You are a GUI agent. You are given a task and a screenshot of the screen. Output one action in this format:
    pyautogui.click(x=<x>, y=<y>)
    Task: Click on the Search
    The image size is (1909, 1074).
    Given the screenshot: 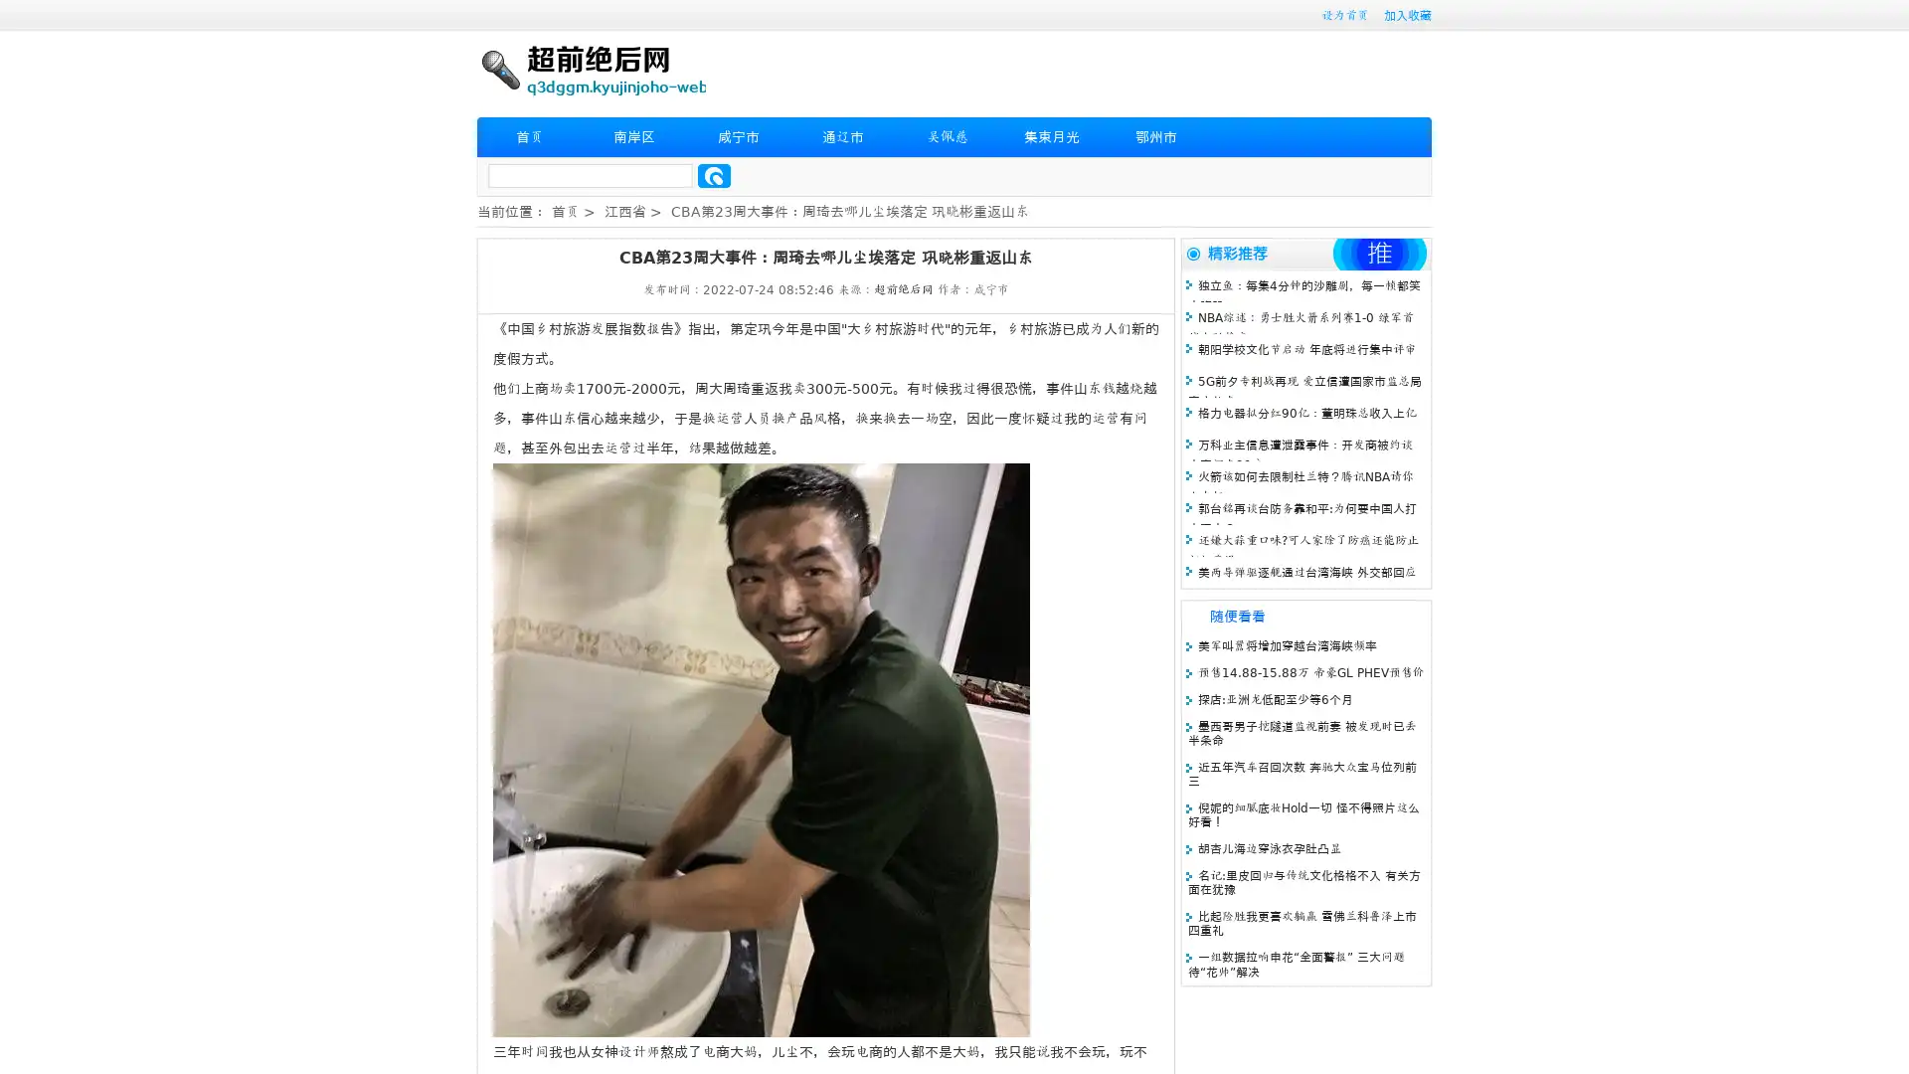 What is the action you would take?
    pyautogui.click(x=714, y=175)
    